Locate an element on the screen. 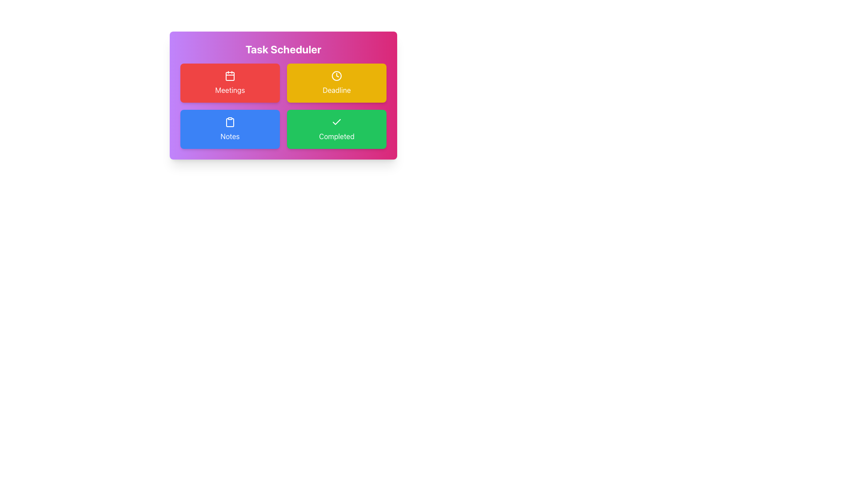  text label 'Deadline' which is located in the bottom center of the yellow button with rounded corners in the top-right of the interface is located at coordinates (336, 90).